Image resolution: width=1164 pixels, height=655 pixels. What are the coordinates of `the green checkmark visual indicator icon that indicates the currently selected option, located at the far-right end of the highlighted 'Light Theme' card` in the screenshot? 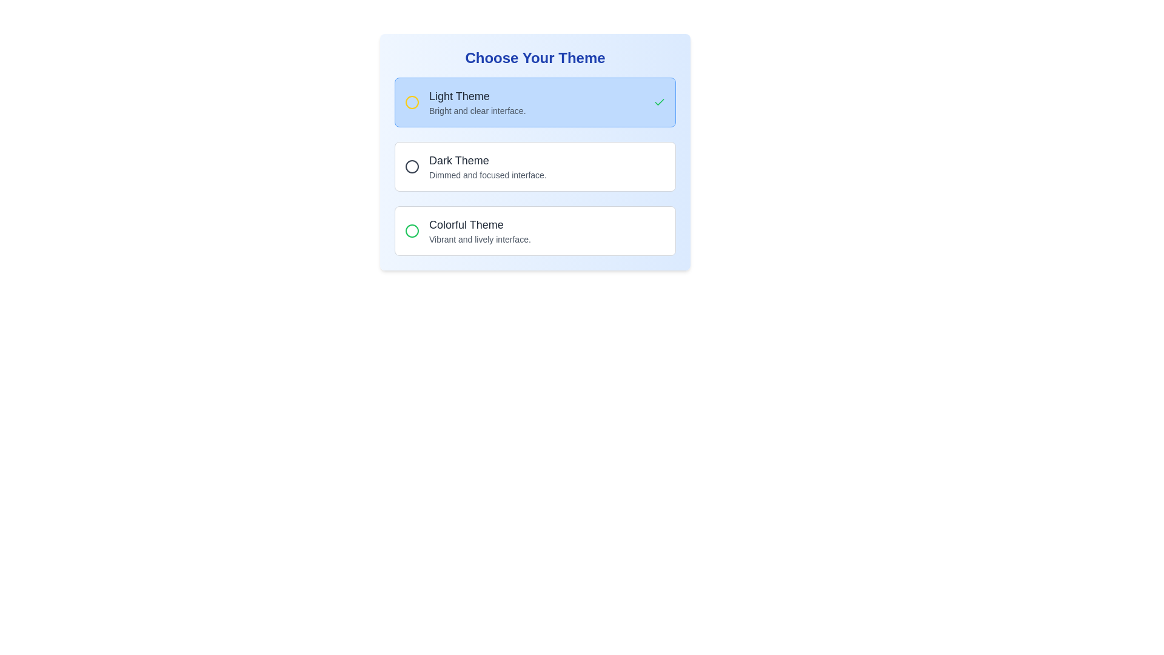 It's located at (659, 102).